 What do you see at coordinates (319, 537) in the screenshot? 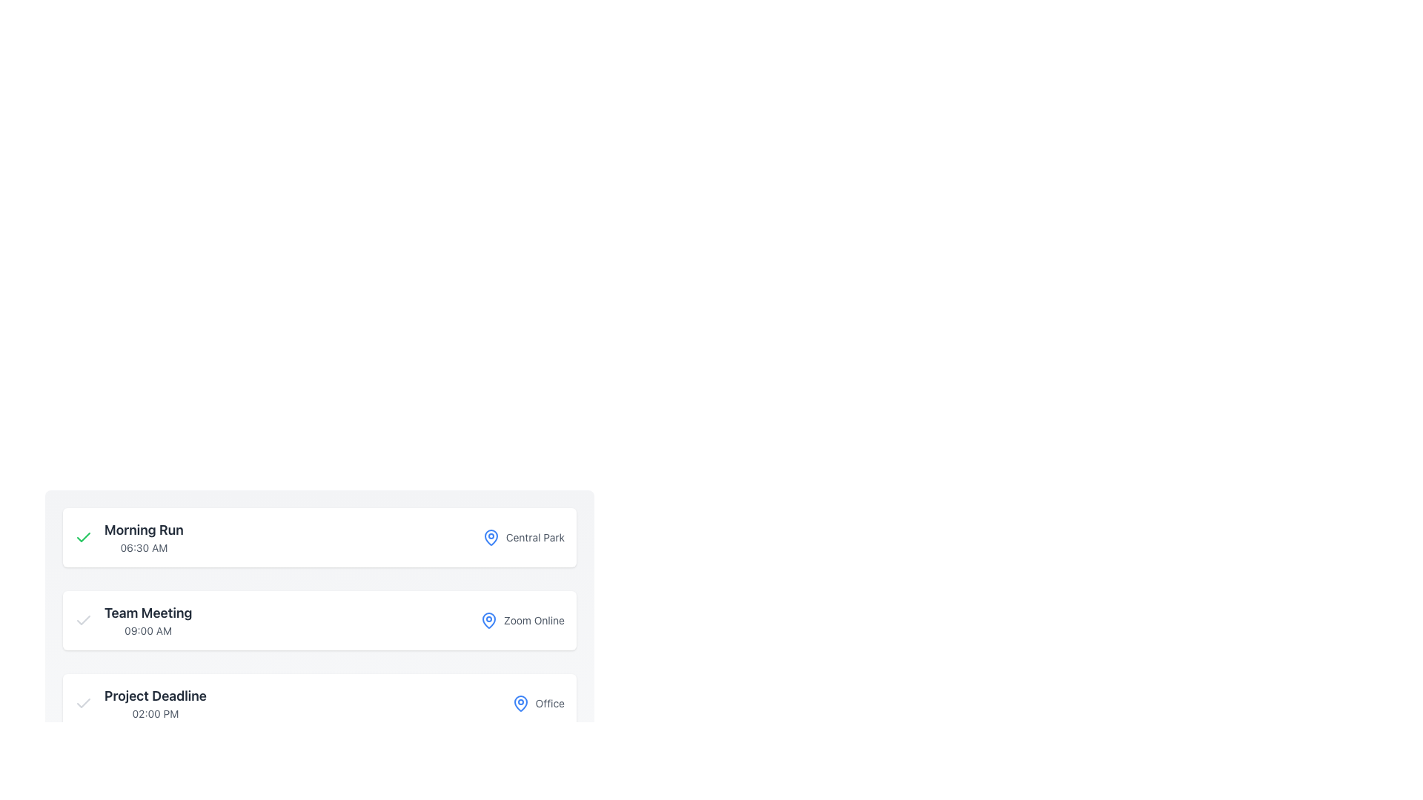
I see `the event panel at the top of the vertically stacked list` at bounding box center [319, 537].